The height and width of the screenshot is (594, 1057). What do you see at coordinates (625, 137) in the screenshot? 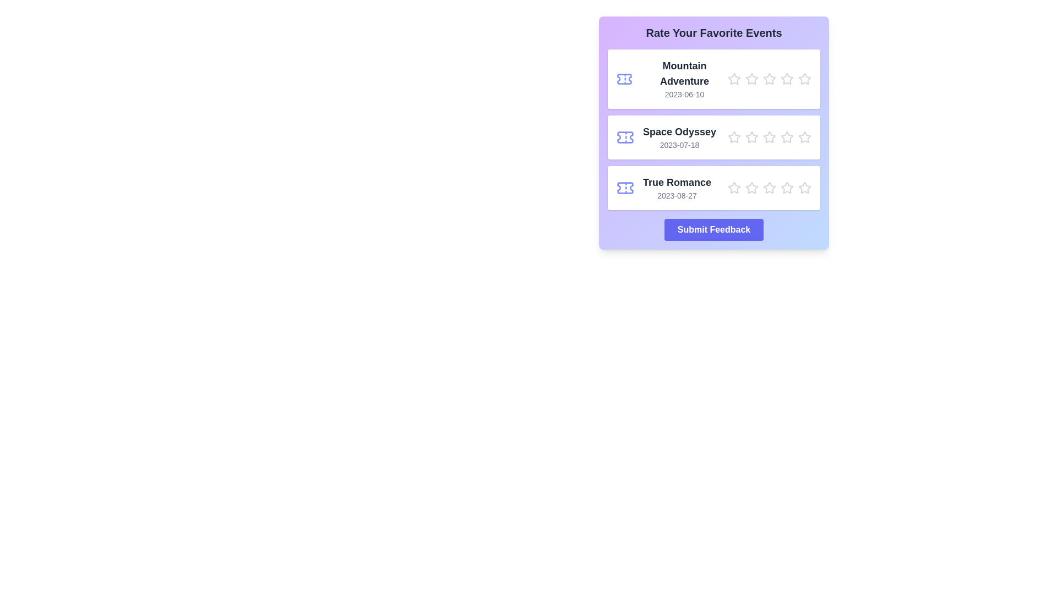
I see `the ticket icon for the movie Space Odyssey` at bounding box center [625, 137].